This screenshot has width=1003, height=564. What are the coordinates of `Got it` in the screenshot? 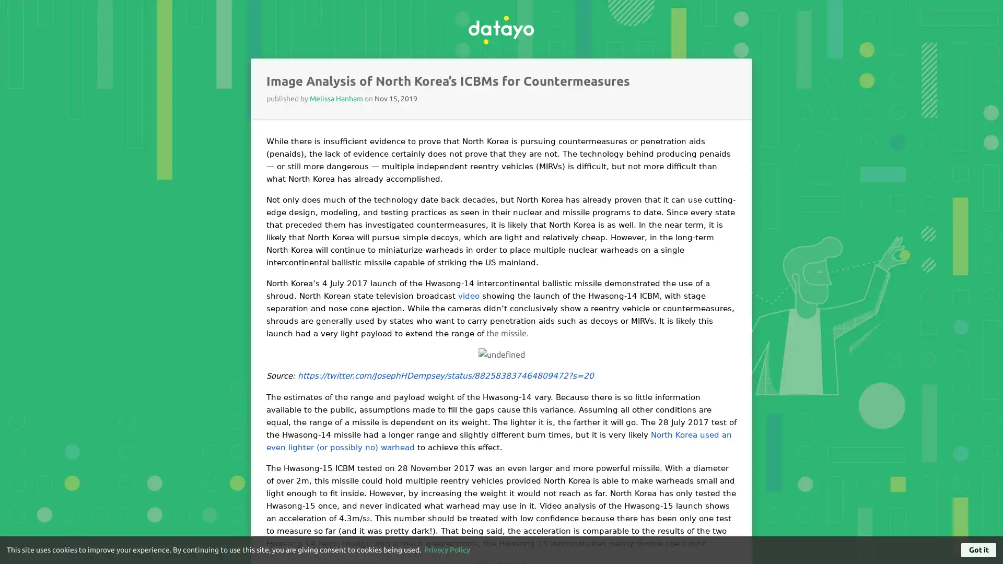 It's located at (978, 549).